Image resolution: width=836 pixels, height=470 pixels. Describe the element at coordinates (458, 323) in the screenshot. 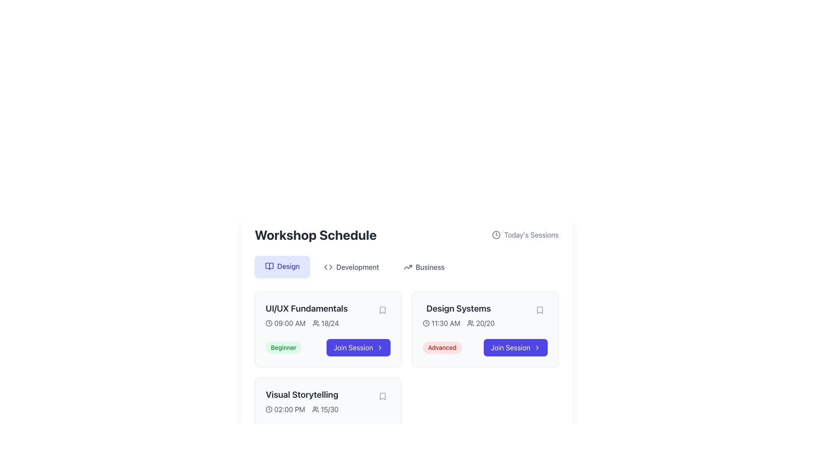

I see `the informational label that displays session start time and participant quota, located within the 'Design Systems' session card on the right-hand side of the 'Workshop Schedule' layout` at that location.